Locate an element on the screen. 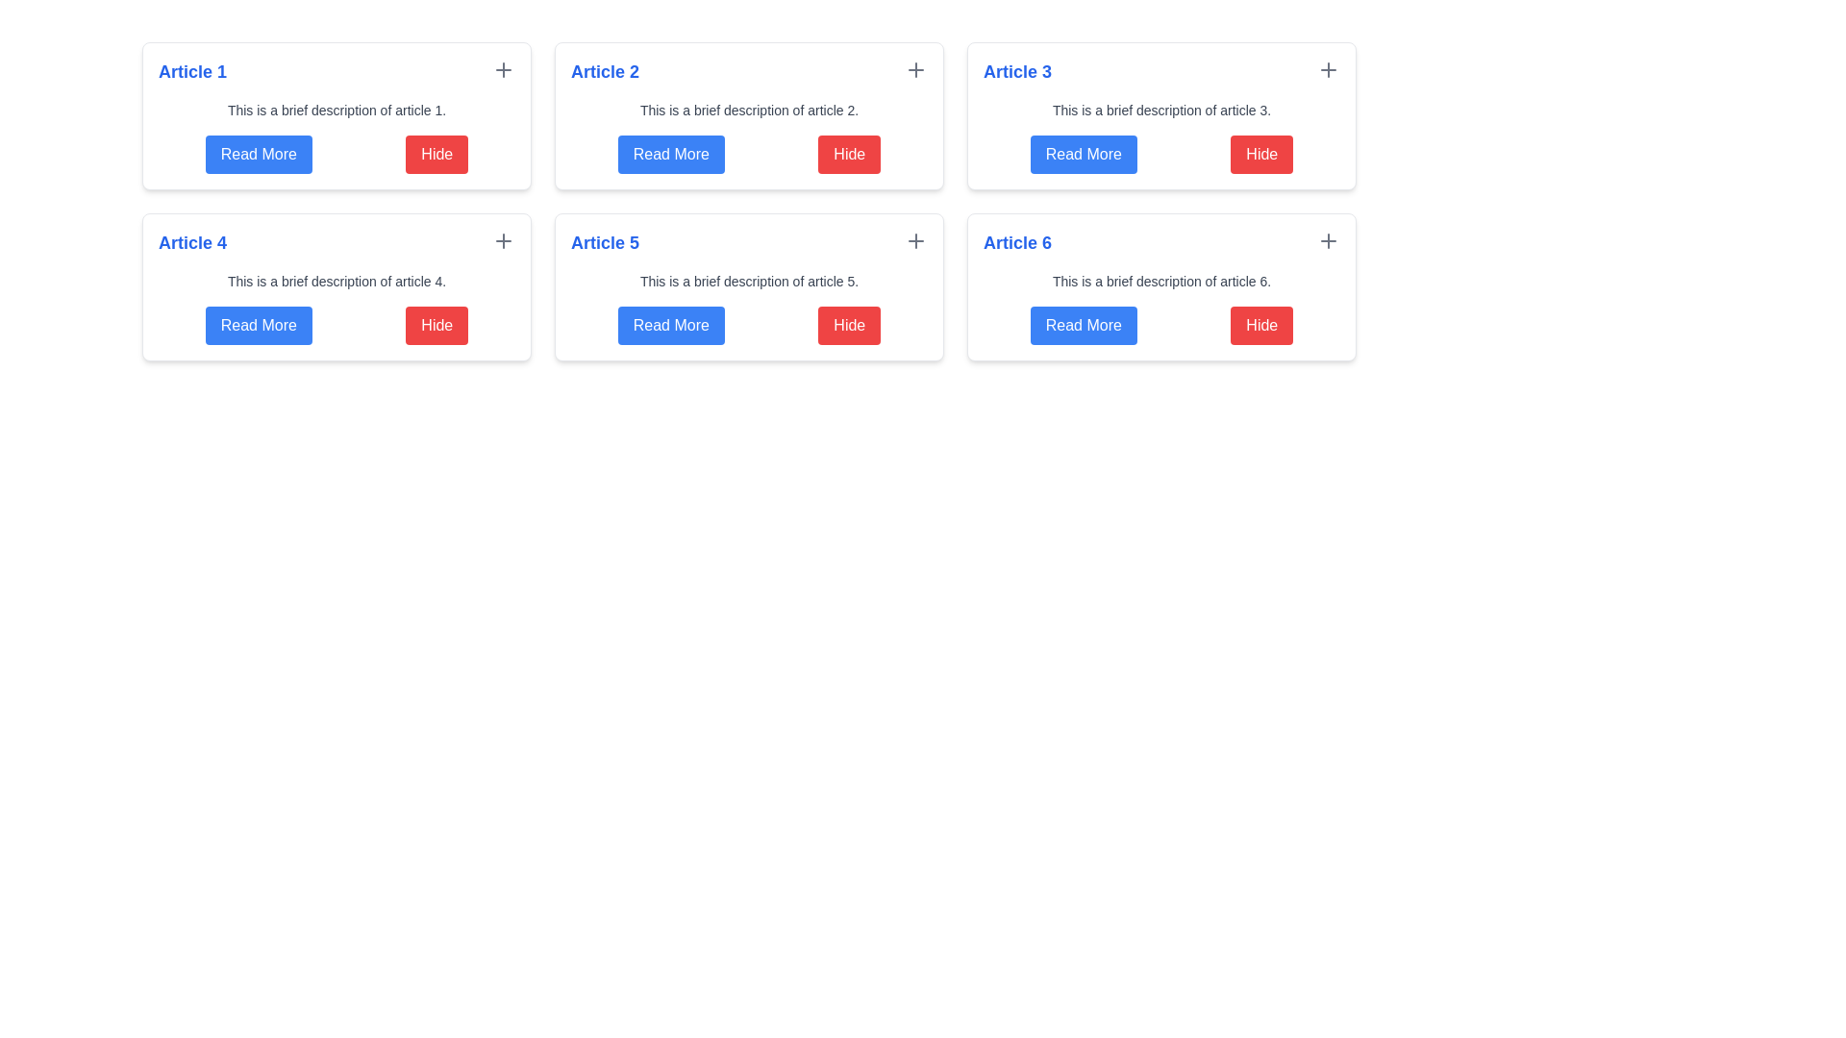 The width and height of the screenshot is (1846, 1038). the rightmost button in the first row of the grid layout, which is used to hide or collapse the associated content, located adjacent to the 'Read More' button is located at coordinates (848, 154).